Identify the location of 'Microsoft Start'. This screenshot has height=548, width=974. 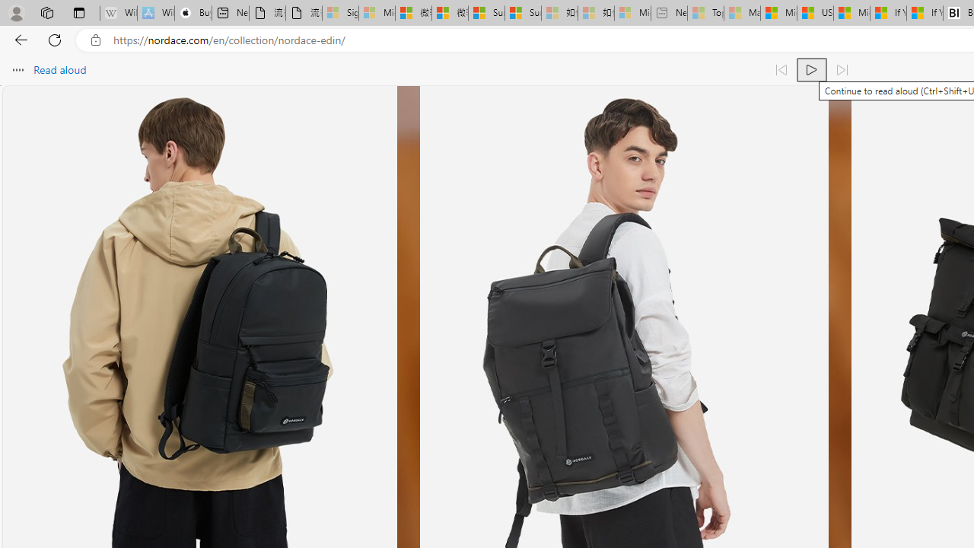
(851, 13).